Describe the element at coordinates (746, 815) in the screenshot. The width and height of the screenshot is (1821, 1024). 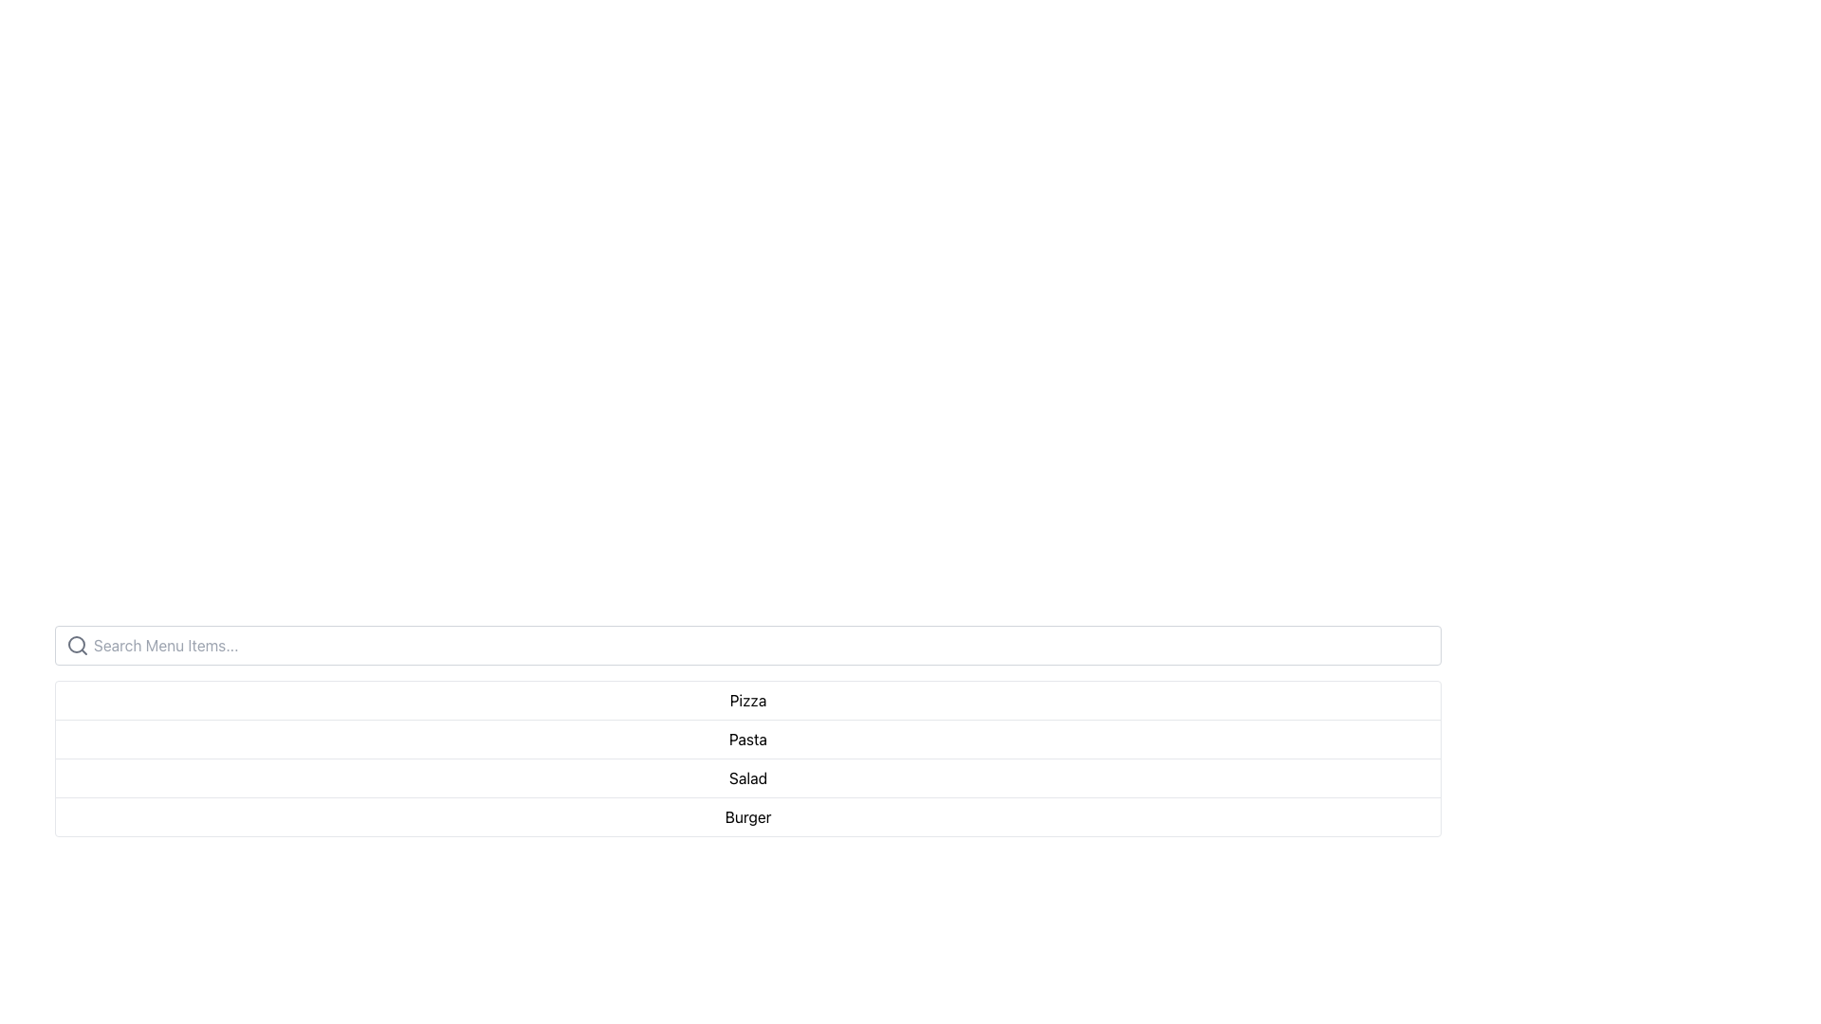
I see `the selectable menu item labeled 'Burger', which is the fourth item in a vertical list and has a light gray background when hovered over` at that location.